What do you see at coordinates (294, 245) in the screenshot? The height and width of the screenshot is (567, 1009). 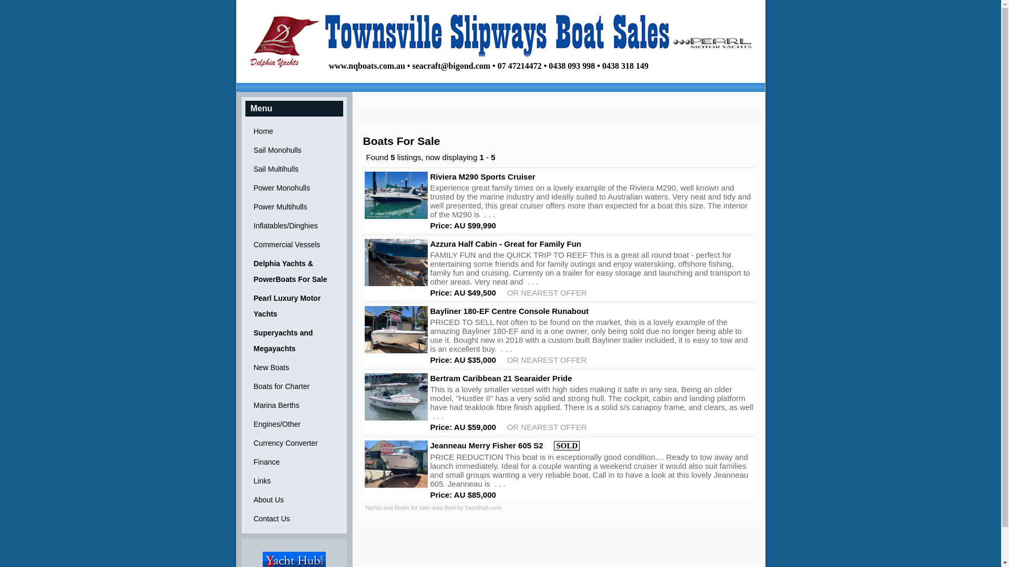 I see `'Commercial Vessels'` at bounding box center [294, 245].